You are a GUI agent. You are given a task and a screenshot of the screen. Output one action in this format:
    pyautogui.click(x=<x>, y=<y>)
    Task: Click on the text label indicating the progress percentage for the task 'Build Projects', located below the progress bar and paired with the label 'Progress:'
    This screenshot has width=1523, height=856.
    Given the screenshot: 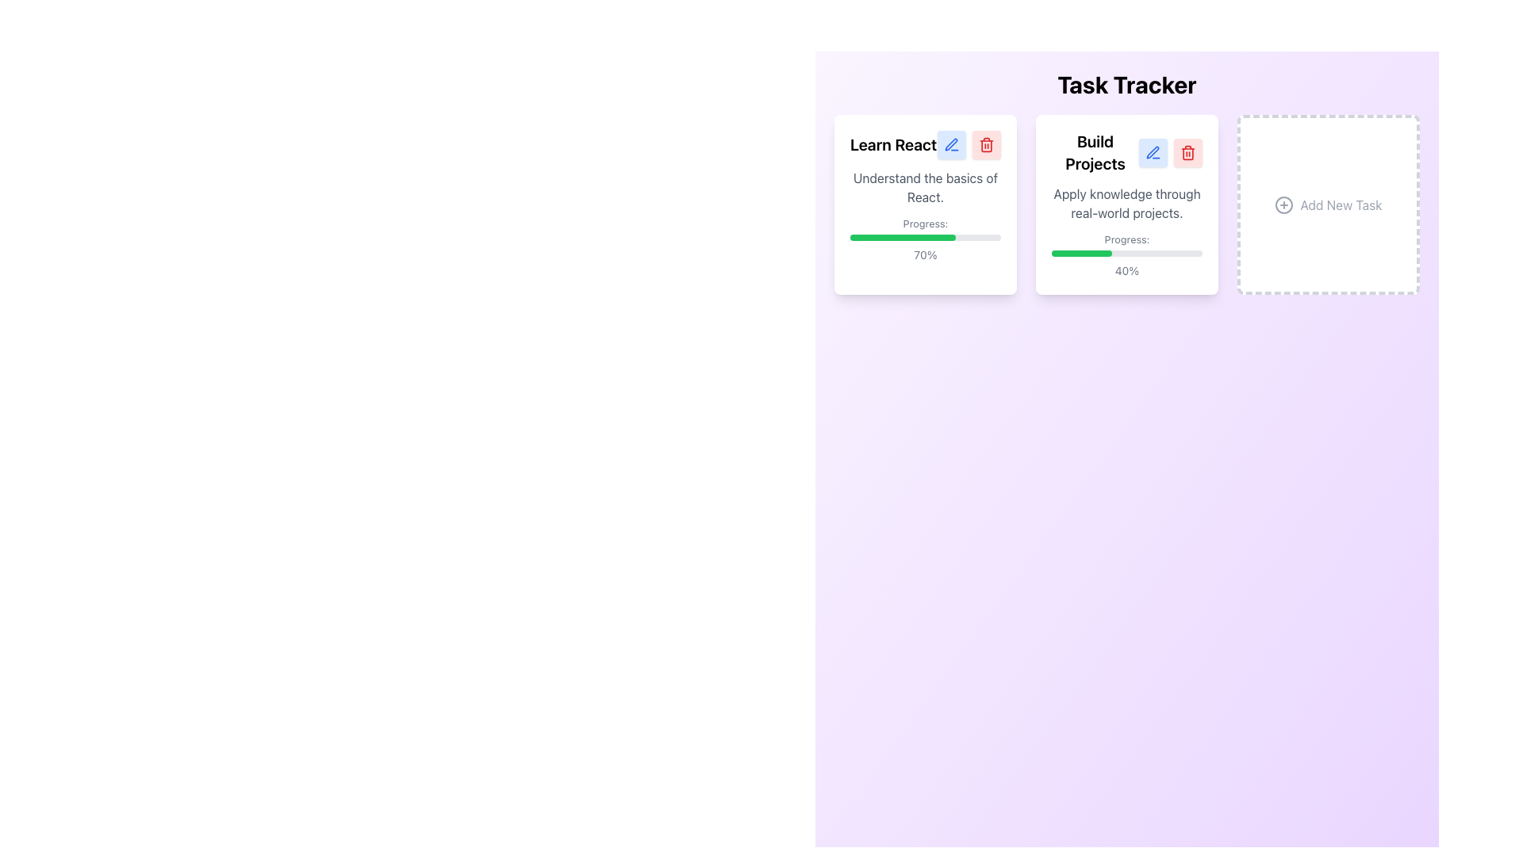 What is the action you would take?
    pyautogui.click(x=1126, y=270)
    